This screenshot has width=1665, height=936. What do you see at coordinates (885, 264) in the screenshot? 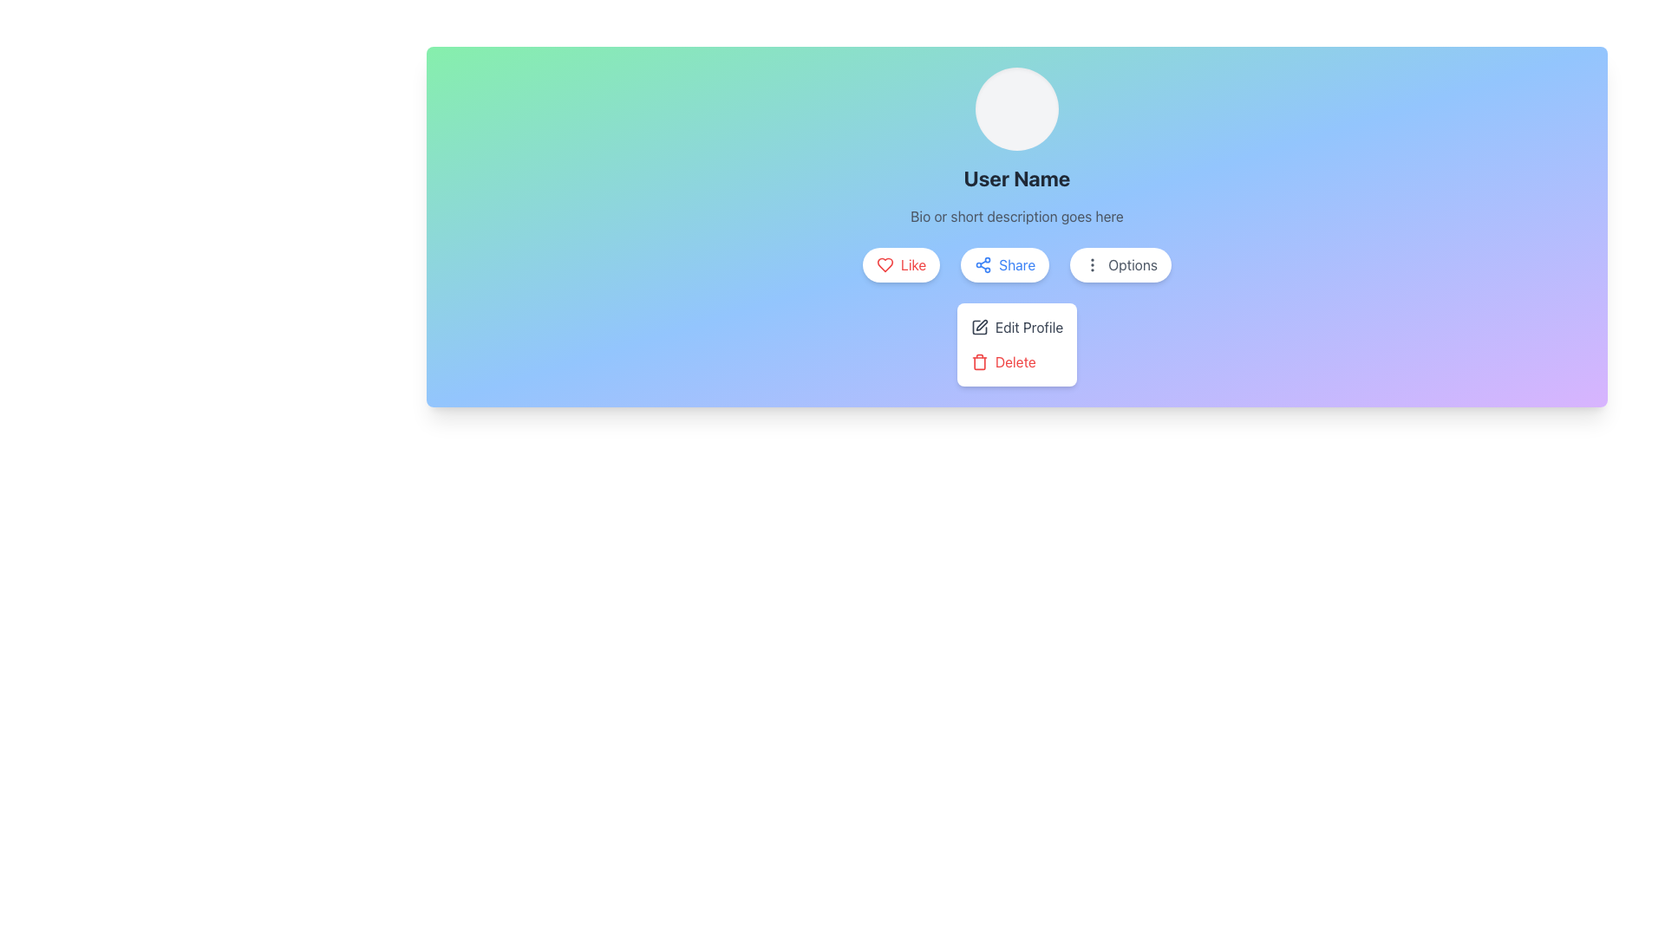
I see `the 'Like' button with the heart icon` at bounding box center [885, 264].